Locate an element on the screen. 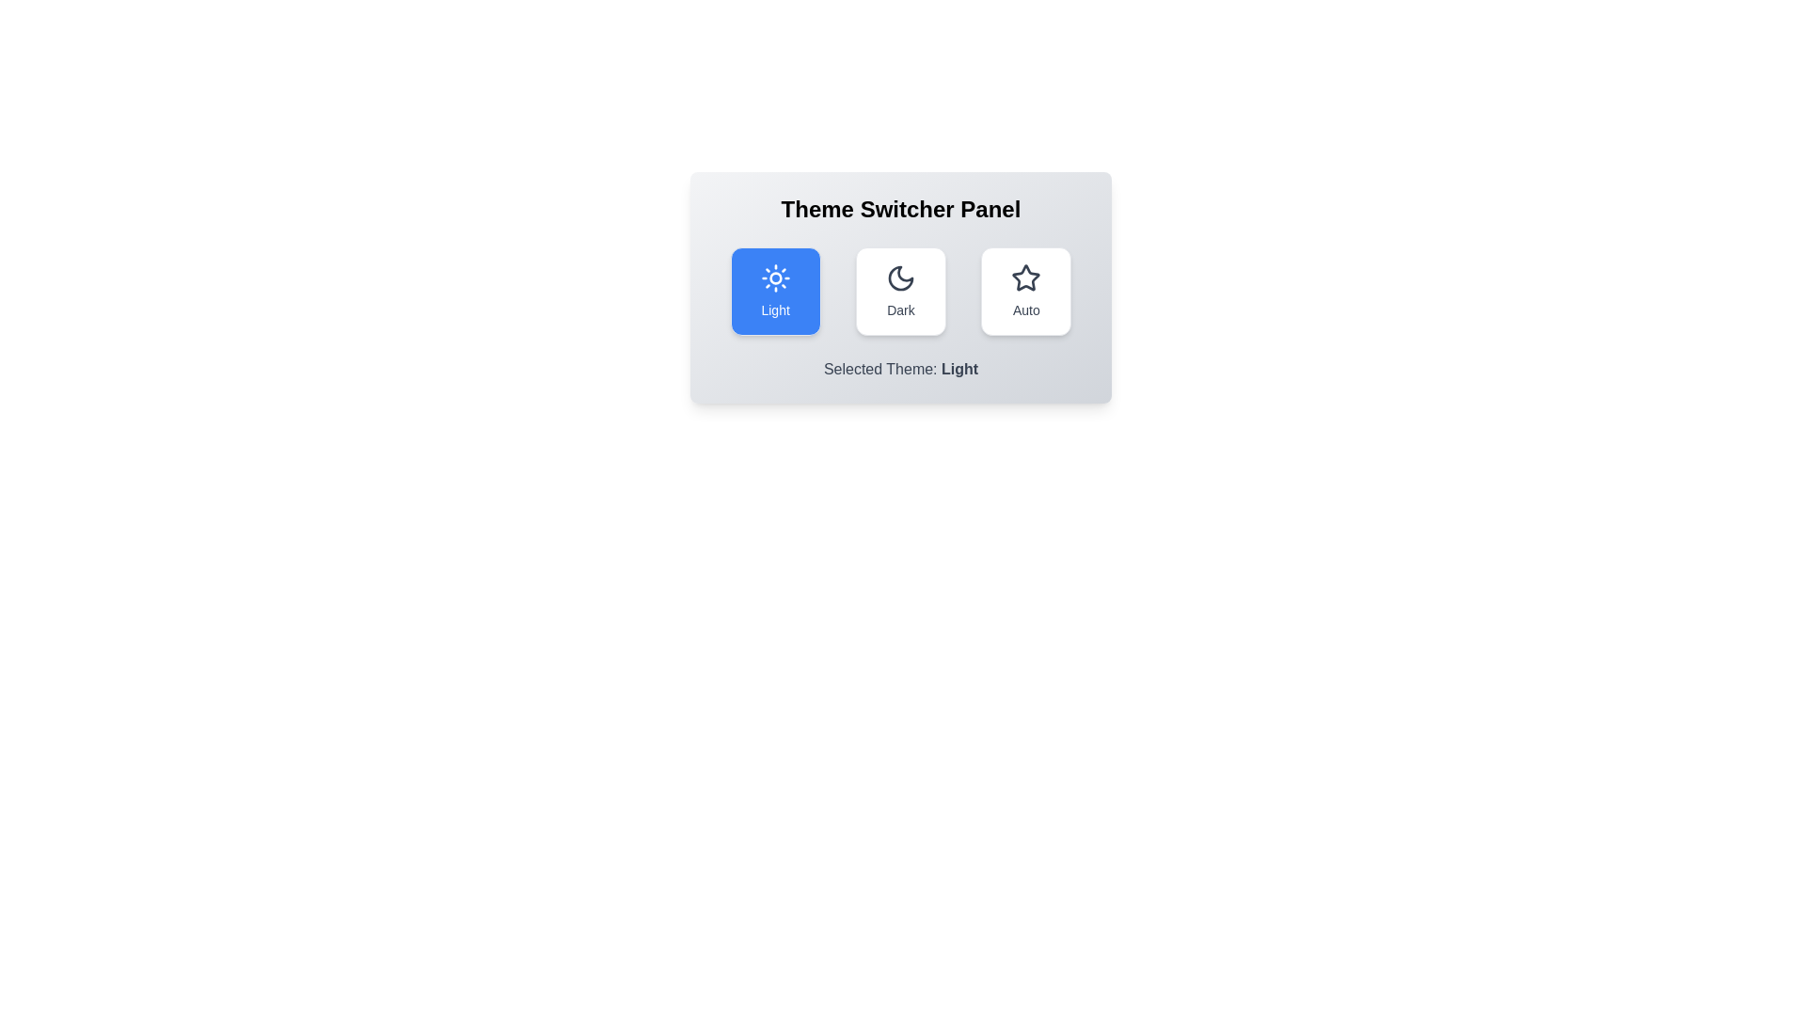 Image resolution: width=1806 pixels, height=1016 pixels. text element displaying 'Light' that is styled in bold, located beneath the 'Selected Theme:' text in the lower part of the interface is located at coordinates (959, 369).